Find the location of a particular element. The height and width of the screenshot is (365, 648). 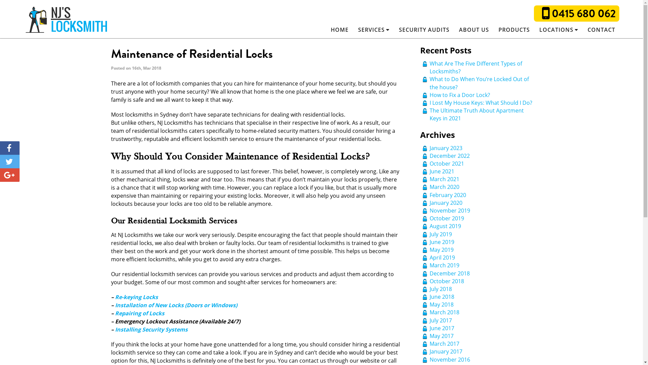

'Tweet' is located at coordinates (9, 162).